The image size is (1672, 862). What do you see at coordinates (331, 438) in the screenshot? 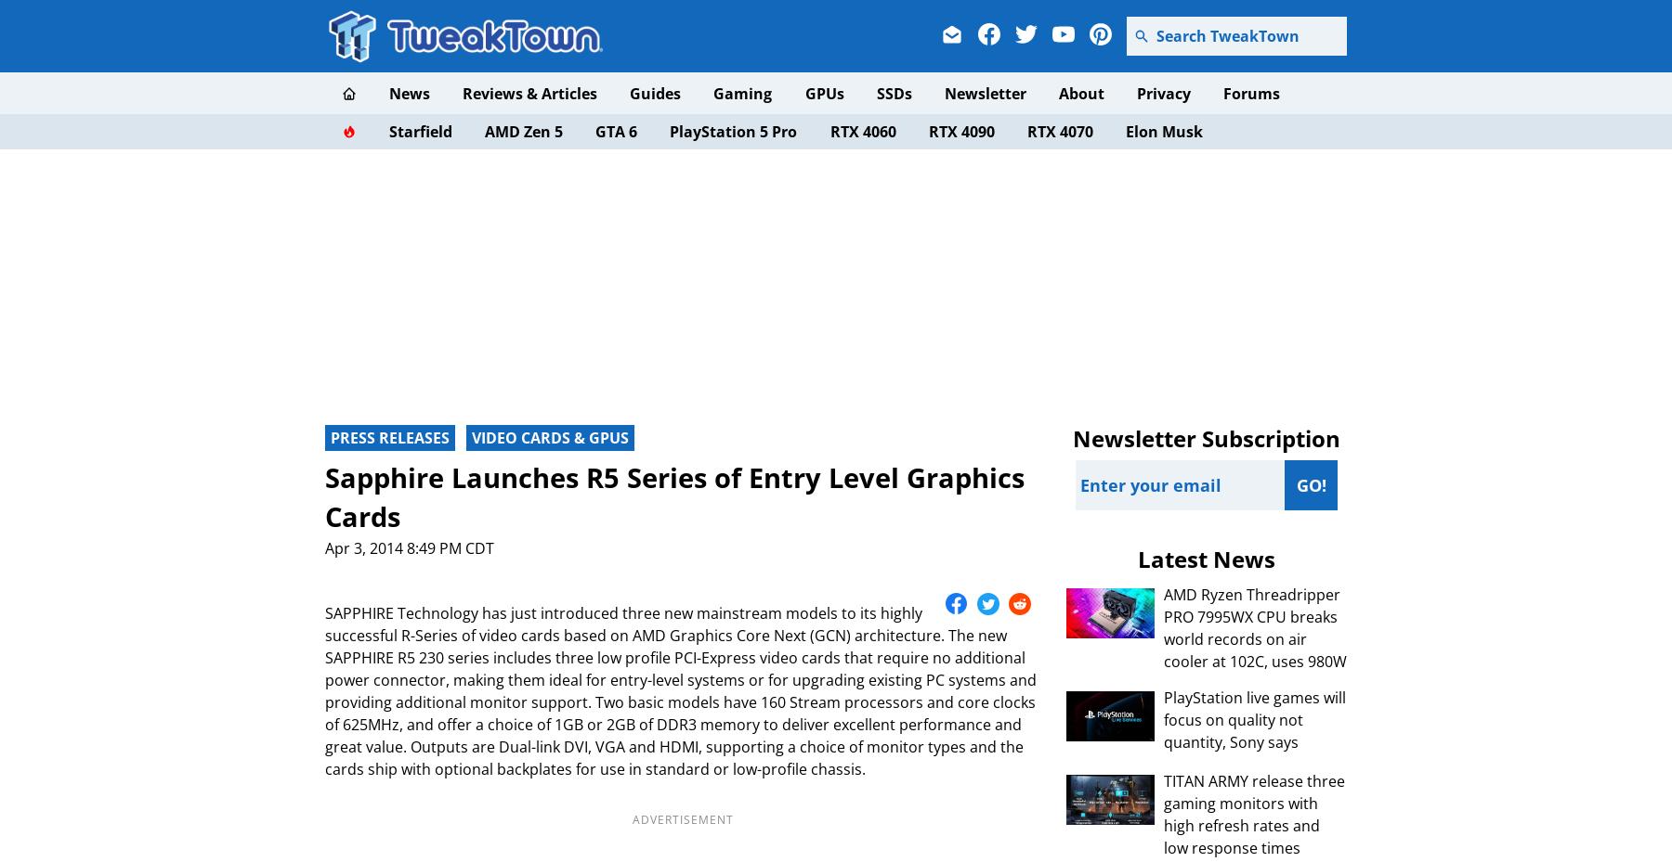
I see `'Press Releases'` at bounding box center [331, 438].